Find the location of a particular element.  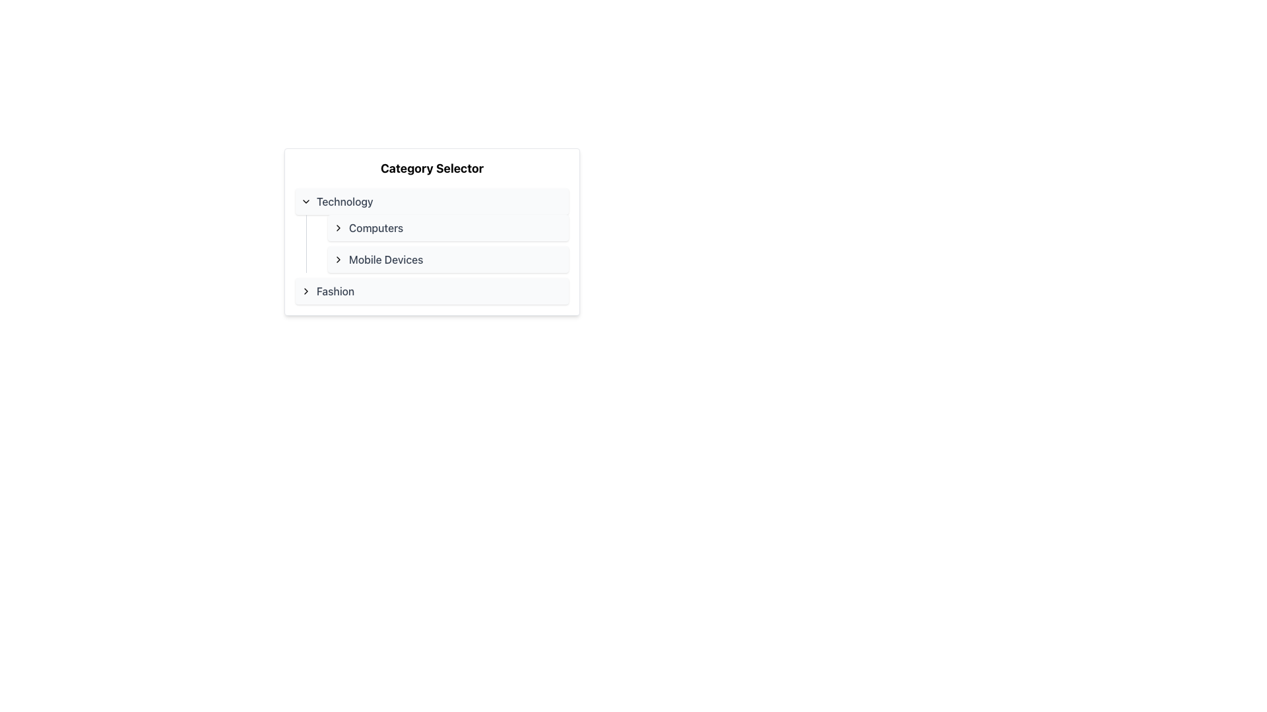

the right-facing chevron icon located to the left of the 'Computers' menu item is located at coordinates (339, 227).